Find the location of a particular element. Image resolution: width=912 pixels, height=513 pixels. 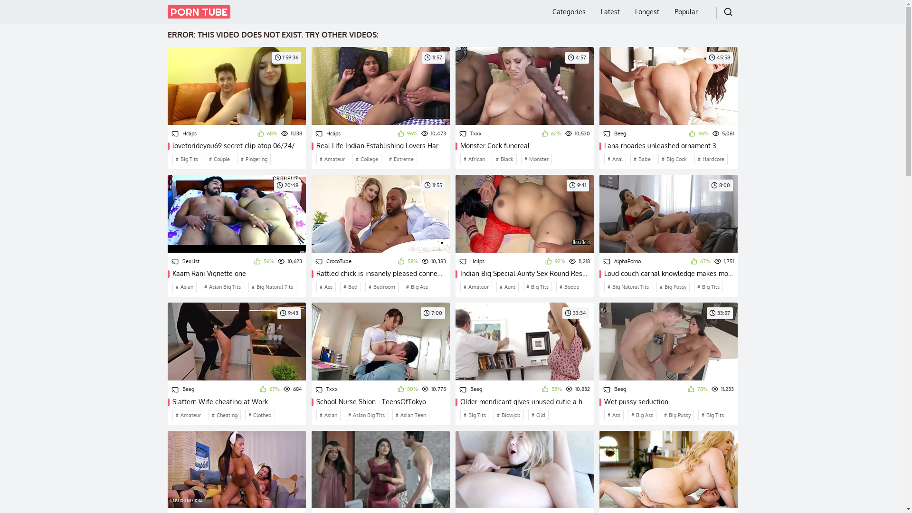

'SexList' is located at coordinates (185, 262).